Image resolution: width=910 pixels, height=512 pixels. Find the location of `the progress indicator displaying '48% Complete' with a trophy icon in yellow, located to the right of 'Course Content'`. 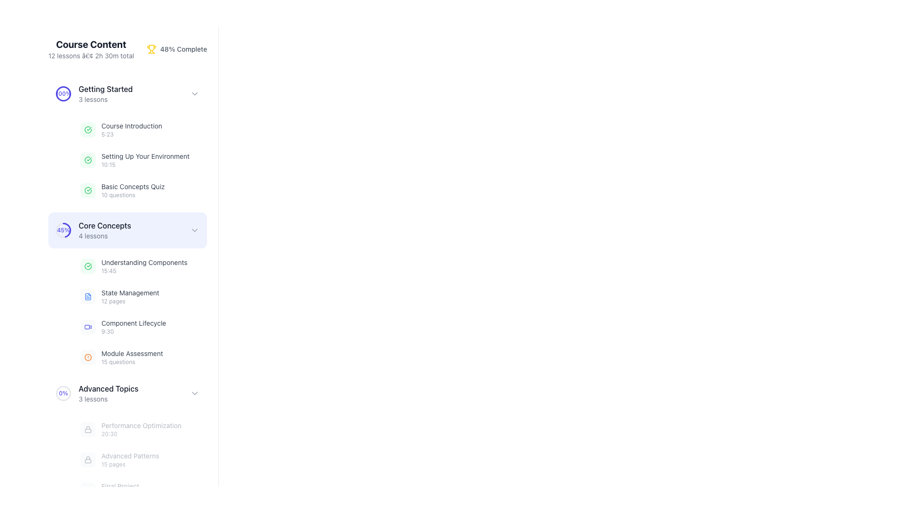

the progress indicator displaying '48% Complete' with a trophy icon in yellow, located to the right of 'Course Content' is located at coordinates (177, 49).